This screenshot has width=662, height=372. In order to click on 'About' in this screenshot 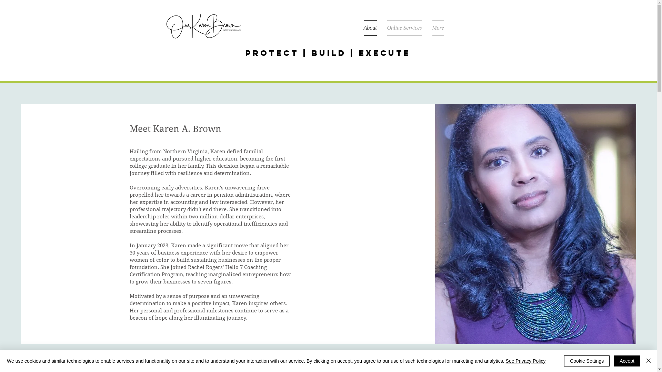, I will do `click(372, 28)`.